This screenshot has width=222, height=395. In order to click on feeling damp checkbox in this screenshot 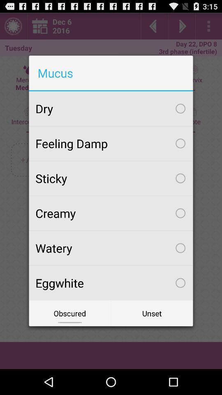, I will do `click(111, 143)`.